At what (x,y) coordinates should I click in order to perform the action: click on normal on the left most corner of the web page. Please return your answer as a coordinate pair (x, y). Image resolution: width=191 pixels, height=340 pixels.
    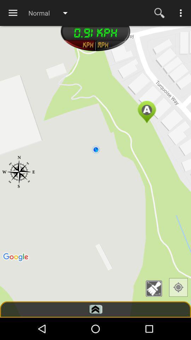
    Looking at the image, I should click on (51, 12).